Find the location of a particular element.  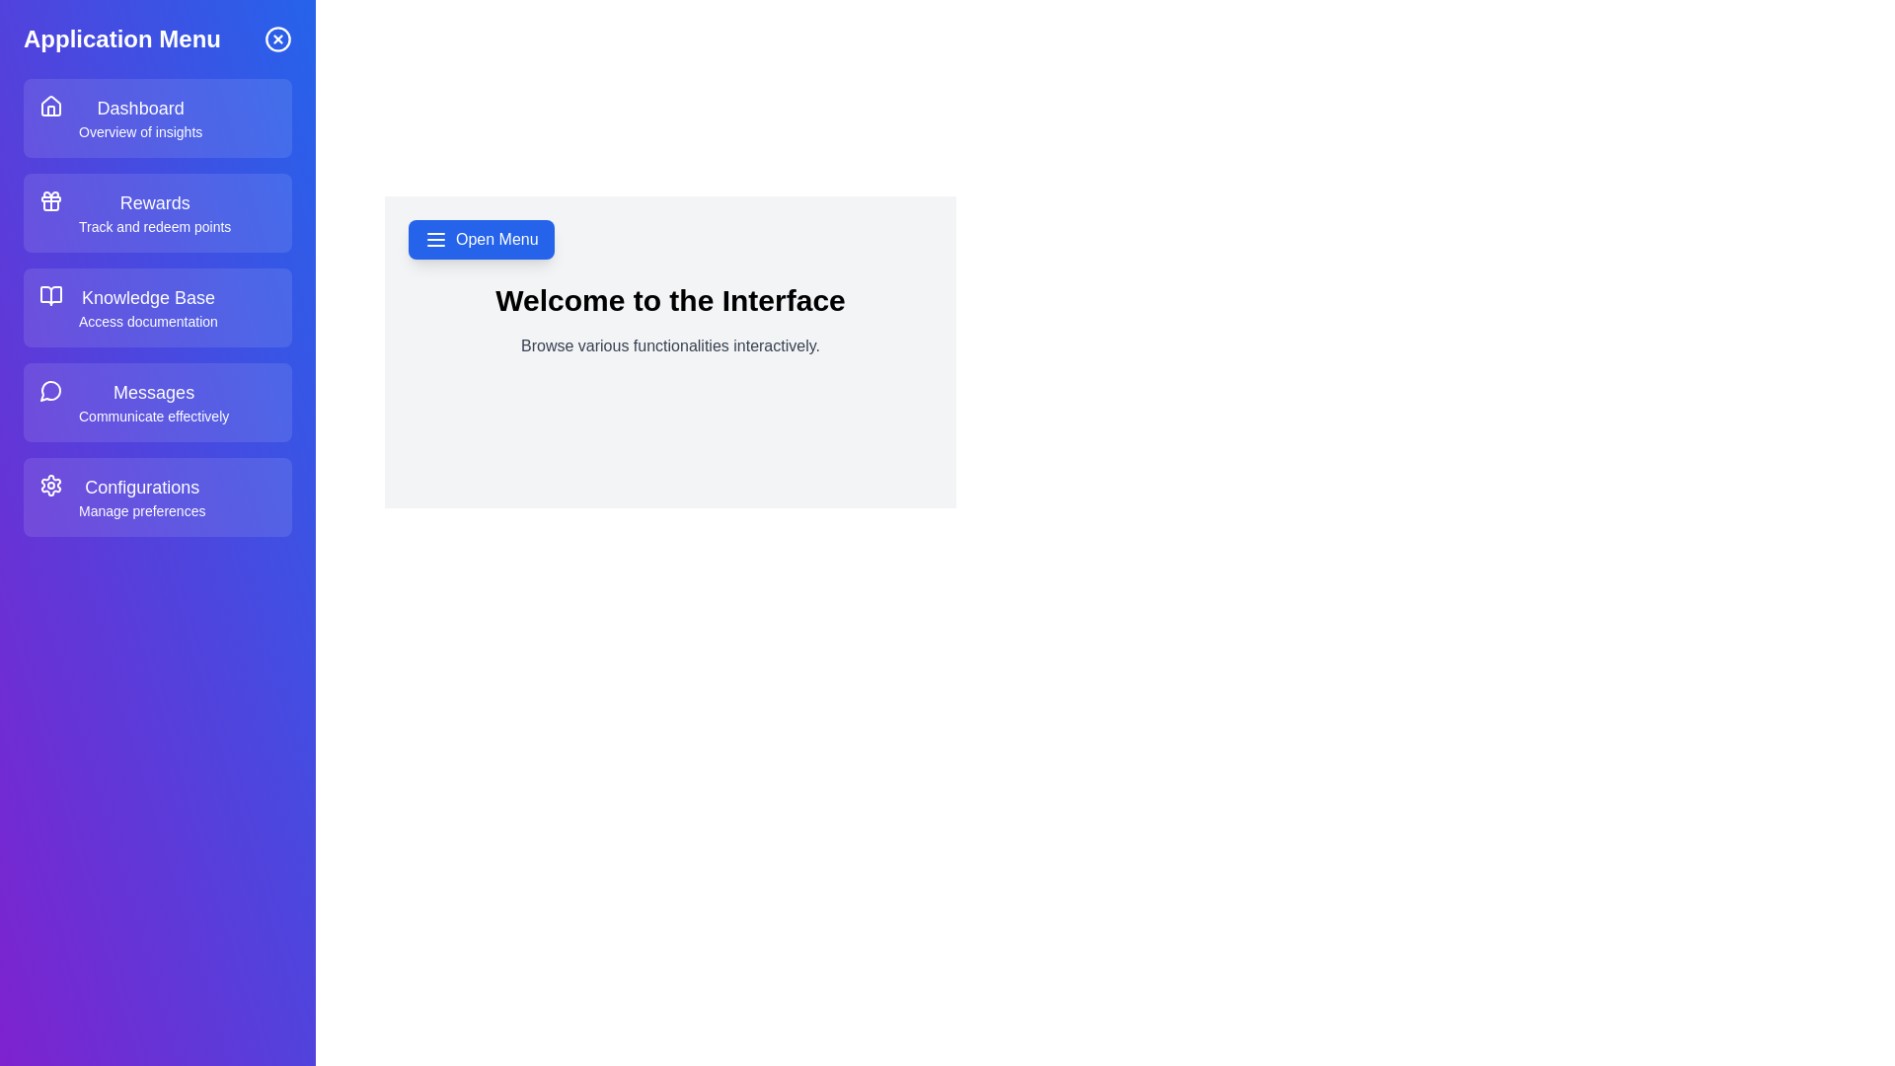

the menu item labeled Configurations is located at coordinates (156, 496).